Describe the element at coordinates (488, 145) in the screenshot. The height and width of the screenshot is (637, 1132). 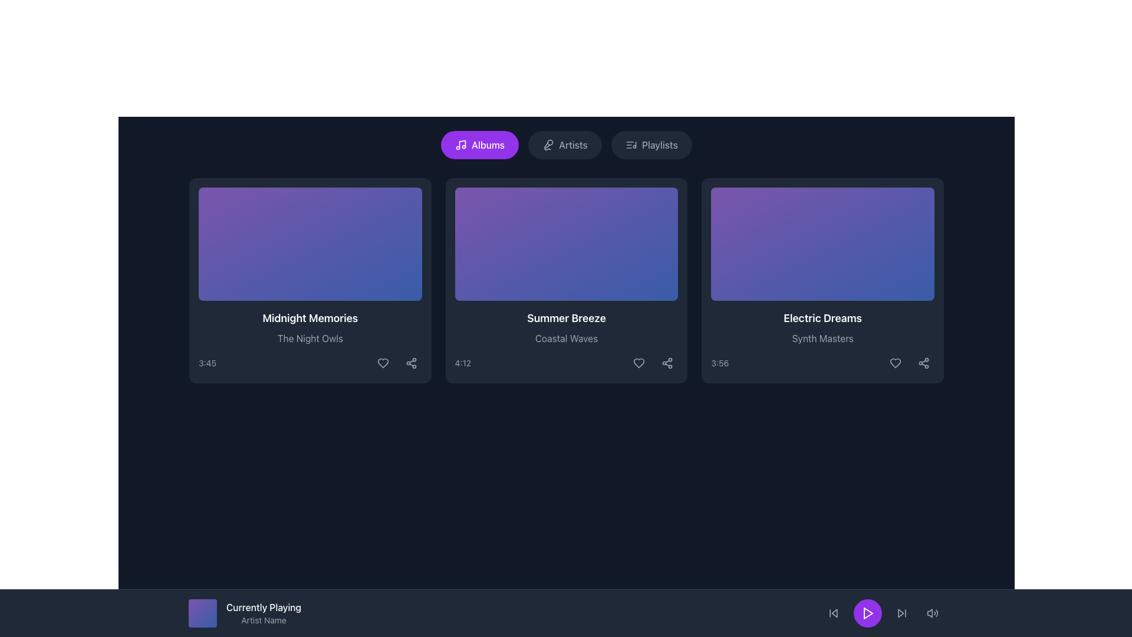
I see `the 'Albums' text label` at that location.